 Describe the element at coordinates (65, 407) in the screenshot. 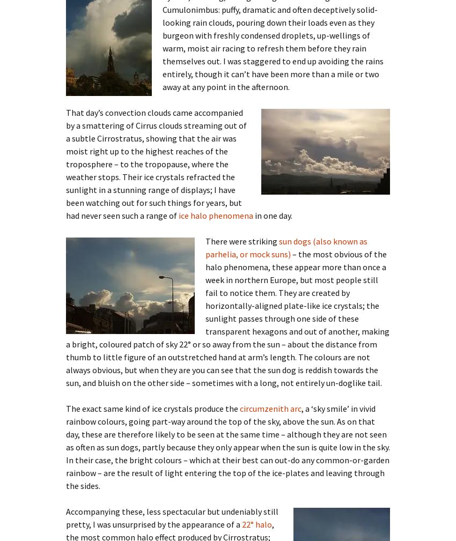

I see `'The exact same kind of ice crystals produce the'` at that location.